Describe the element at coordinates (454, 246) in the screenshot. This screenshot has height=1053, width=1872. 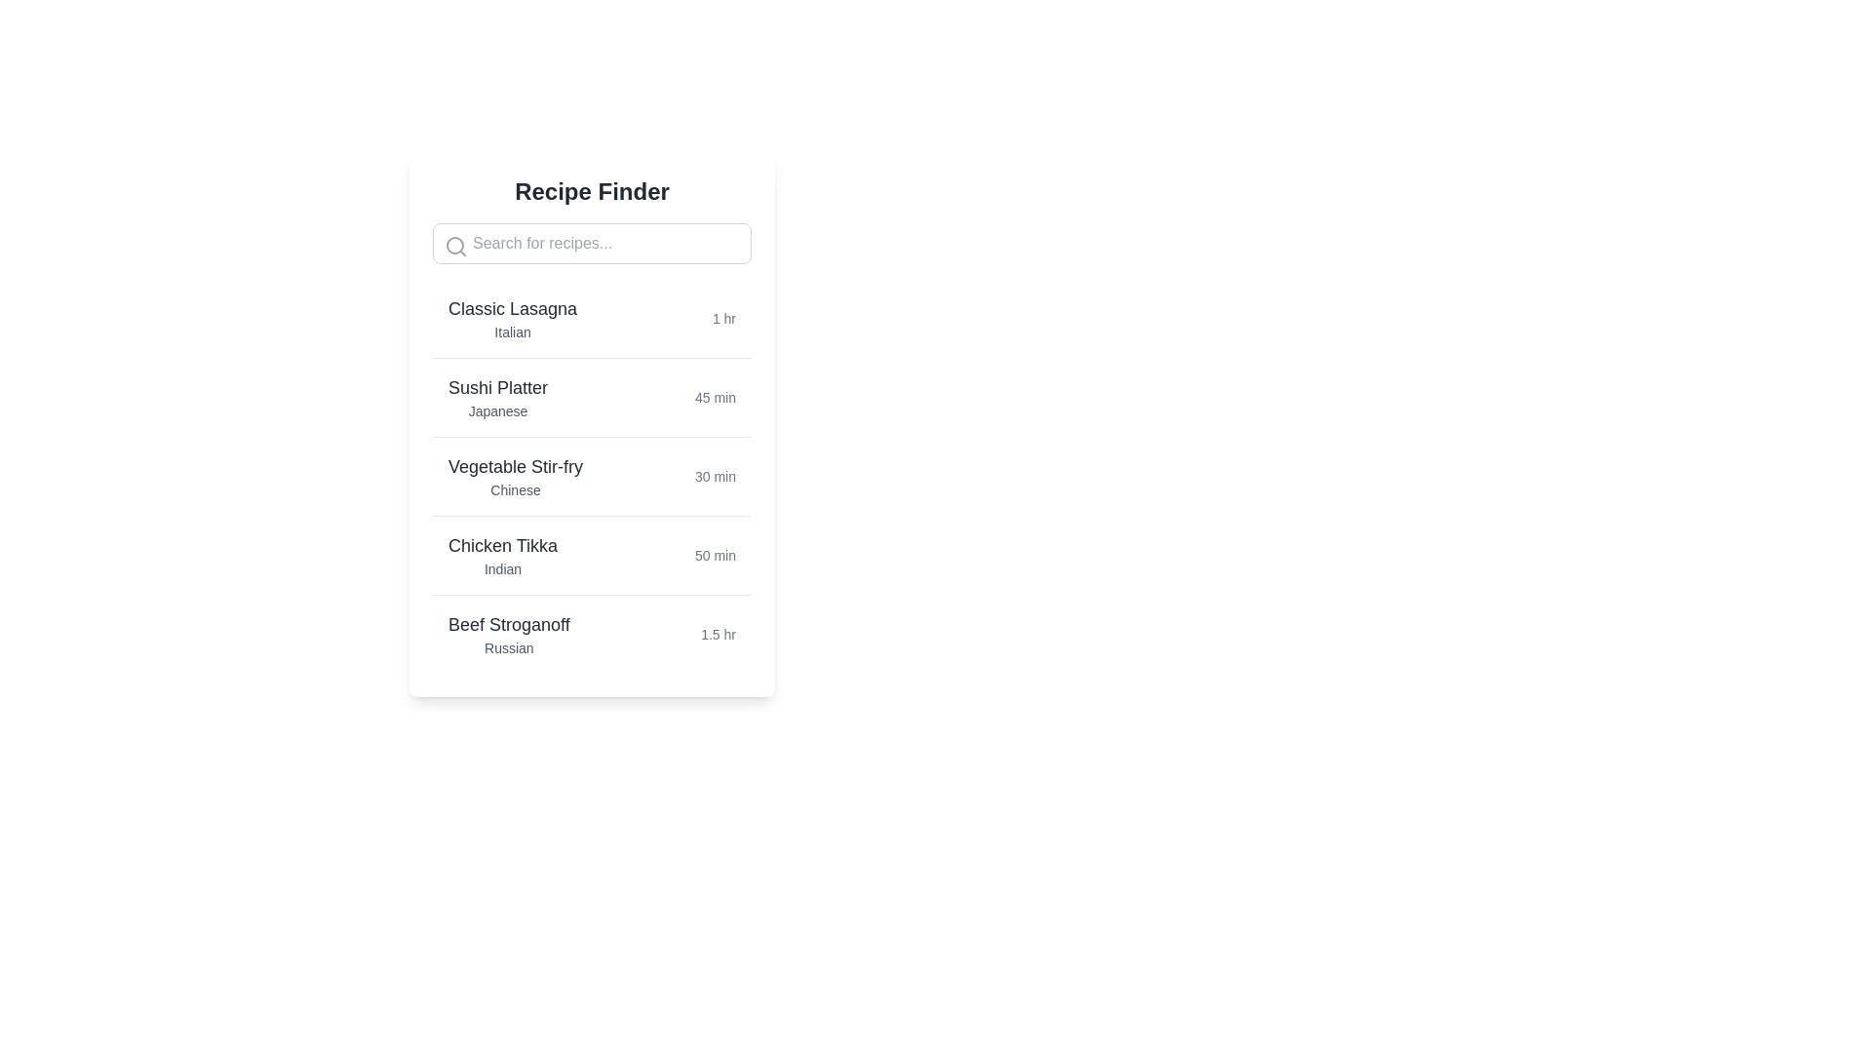
I see `the search icon located at the top-left corner of the search bar` at that location.